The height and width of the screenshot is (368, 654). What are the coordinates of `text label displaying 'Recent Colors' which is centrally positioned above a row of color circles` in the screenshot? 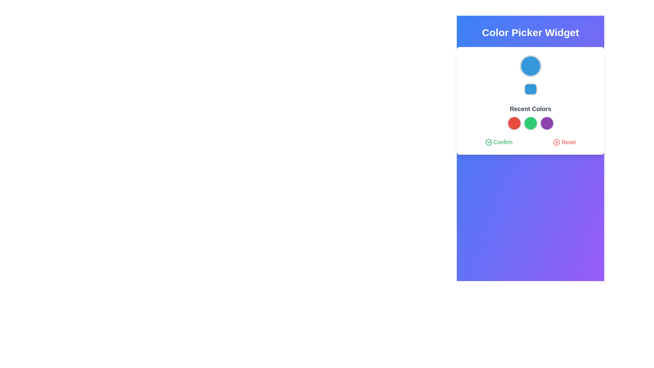 It's located at (530, 109).